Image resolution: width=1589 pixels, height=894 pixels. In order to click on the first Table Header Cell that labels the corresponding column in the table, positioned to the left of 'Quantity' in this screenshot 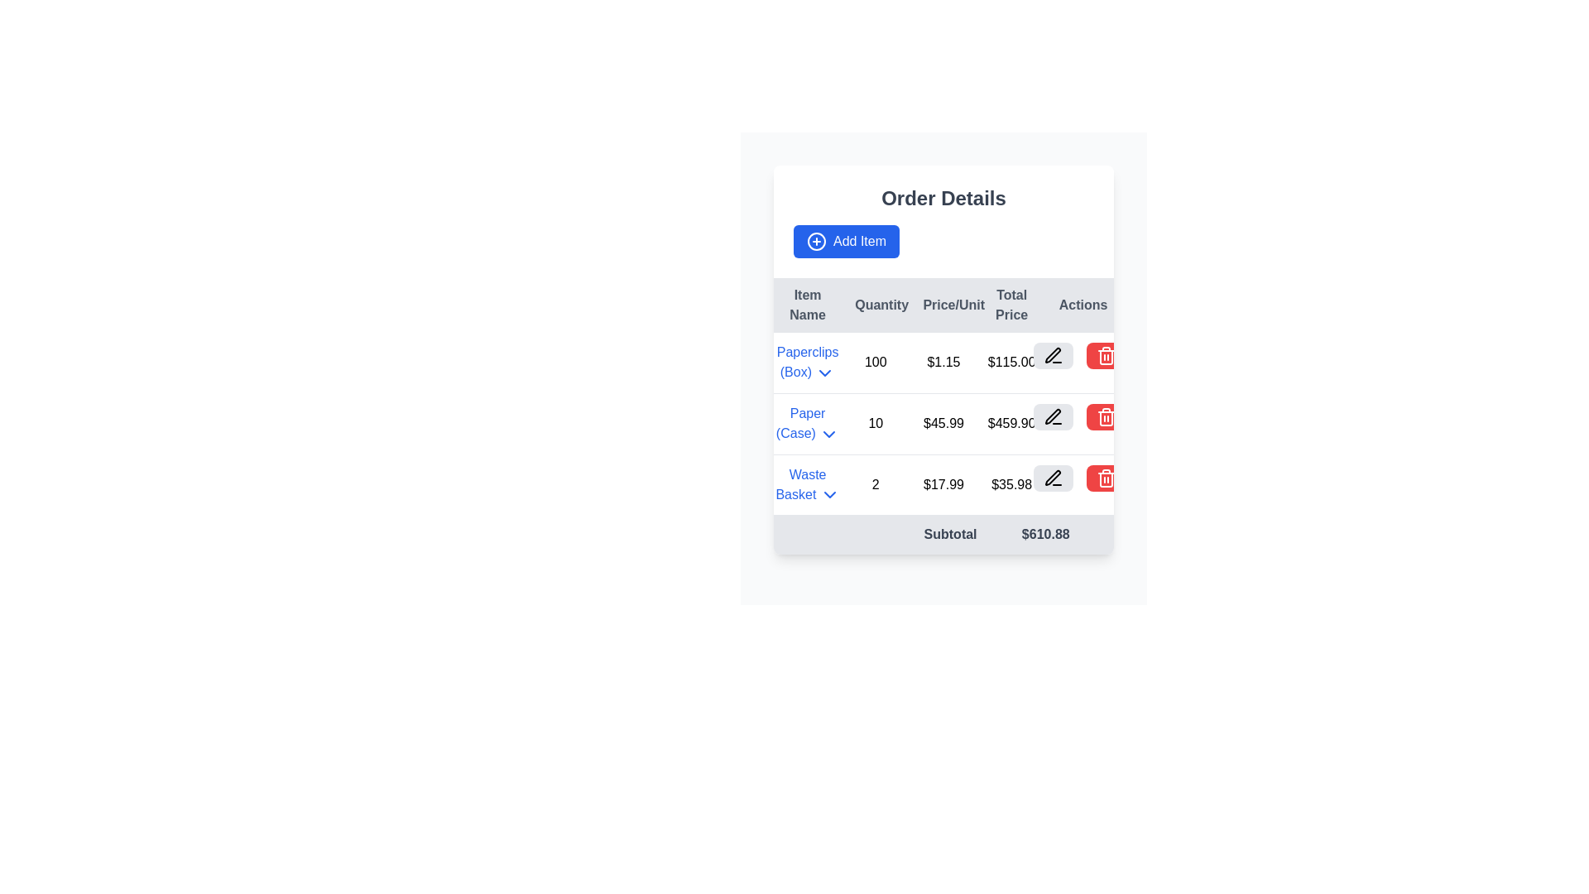, I will do `click(808, 305)`.